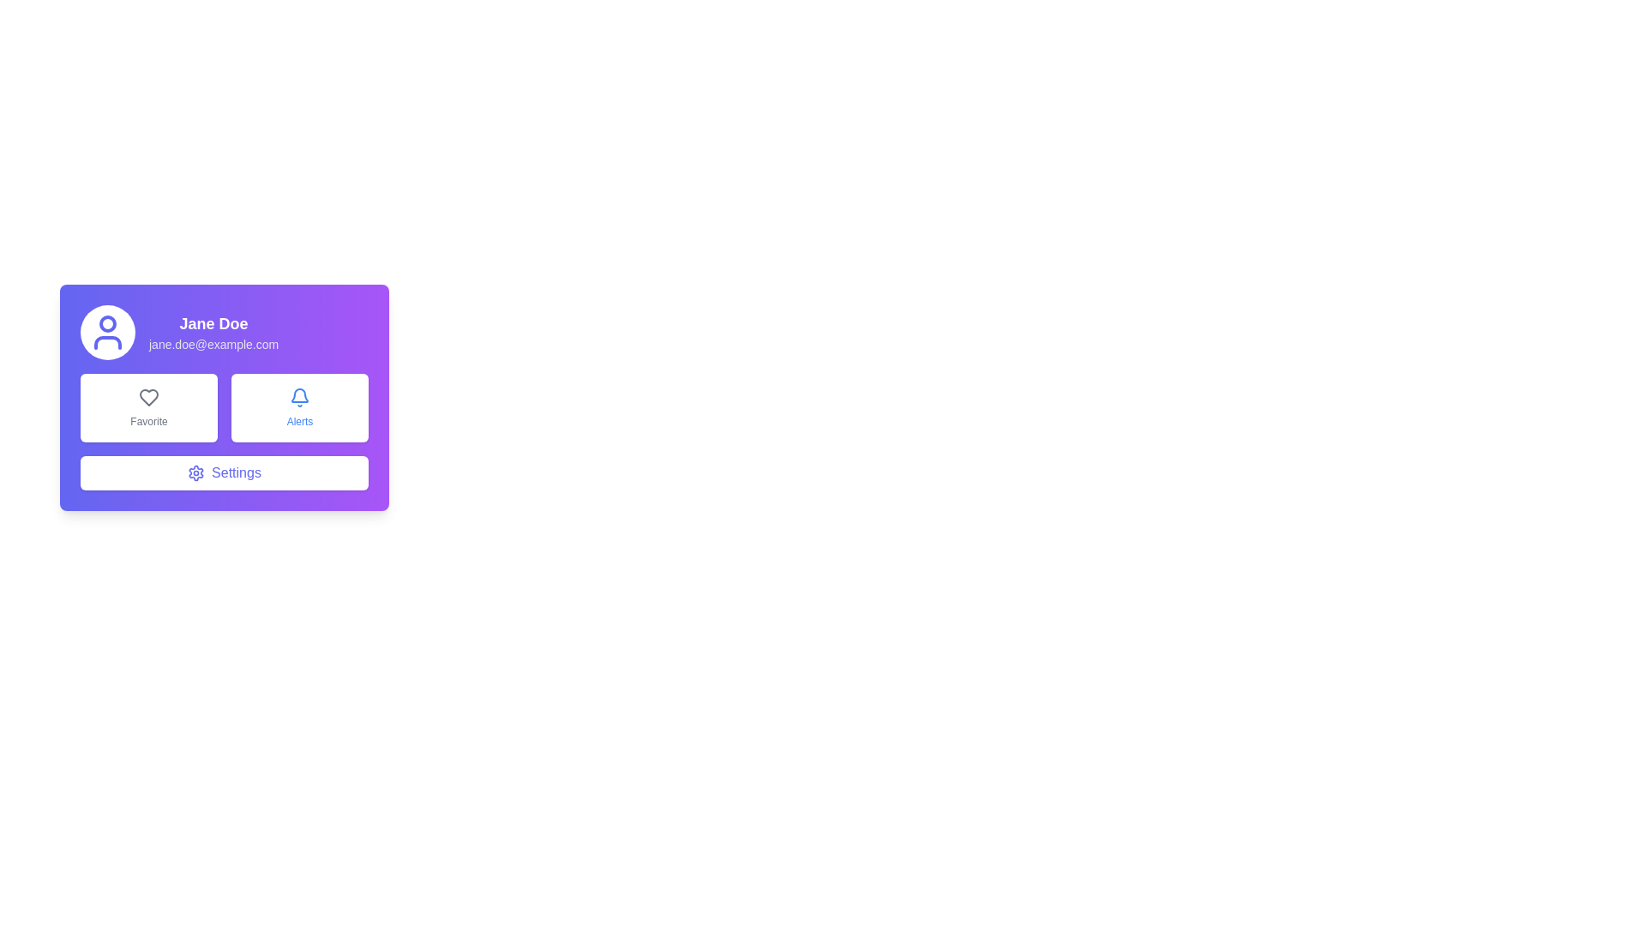 This screenshot has width=1646, height=926. I want to click on text label displaying the name 'Jane Doe' which is in bold and large font, centrally located in a purple area of the user profile component, so click(213, 324).